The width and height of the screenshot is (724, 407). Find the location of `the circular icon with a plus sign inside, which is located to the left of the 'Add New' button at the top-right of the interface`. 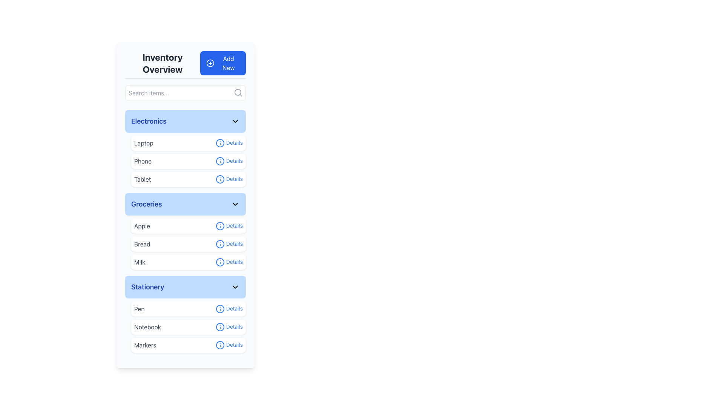

the circular icon with a plus sign inside, which is located to the left of the 'Add New' button at the top-right of the interface is located at coordinates (210, 63).